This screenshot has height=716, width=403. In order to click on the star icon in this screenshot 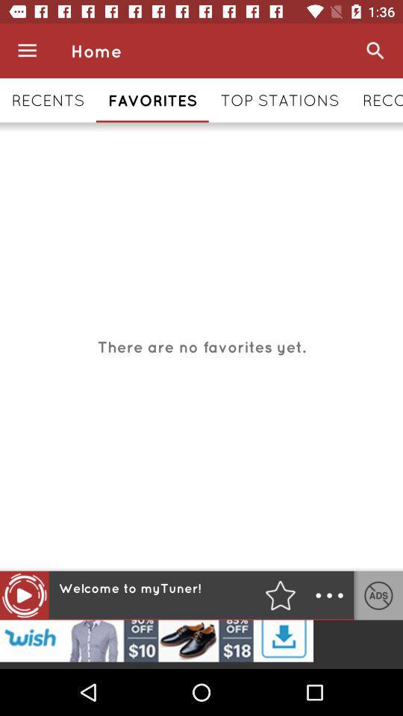, I will do `click(280, 595)`.